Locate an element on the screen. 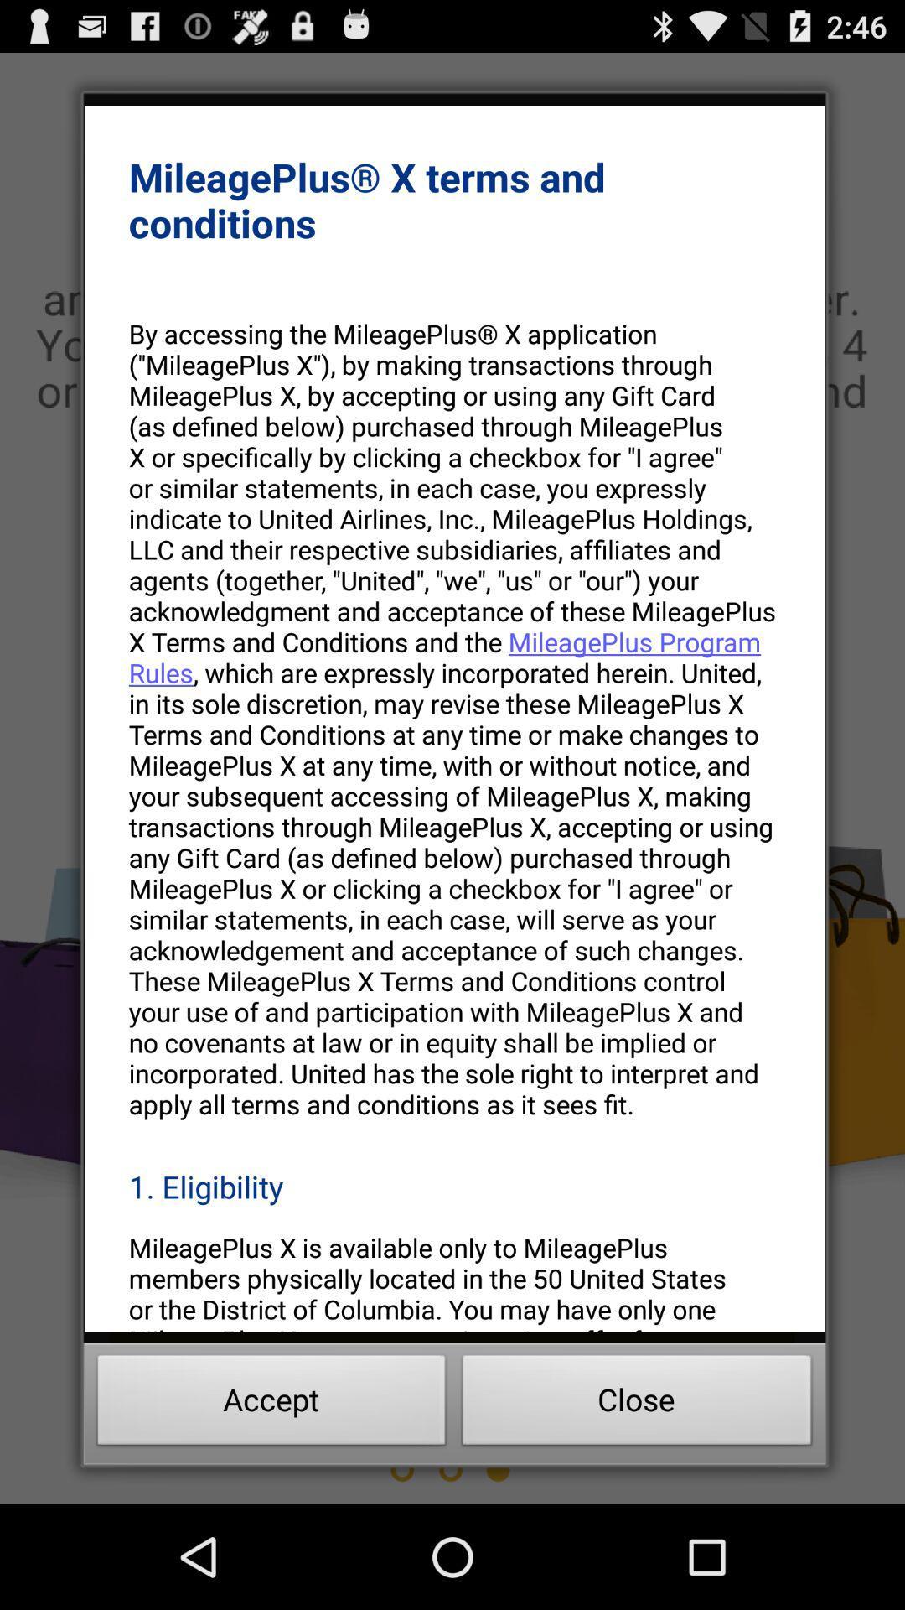 The height and width of the screenshot is (1610, 905). close at the bottom right corner is located at coordinates (637, 1405).